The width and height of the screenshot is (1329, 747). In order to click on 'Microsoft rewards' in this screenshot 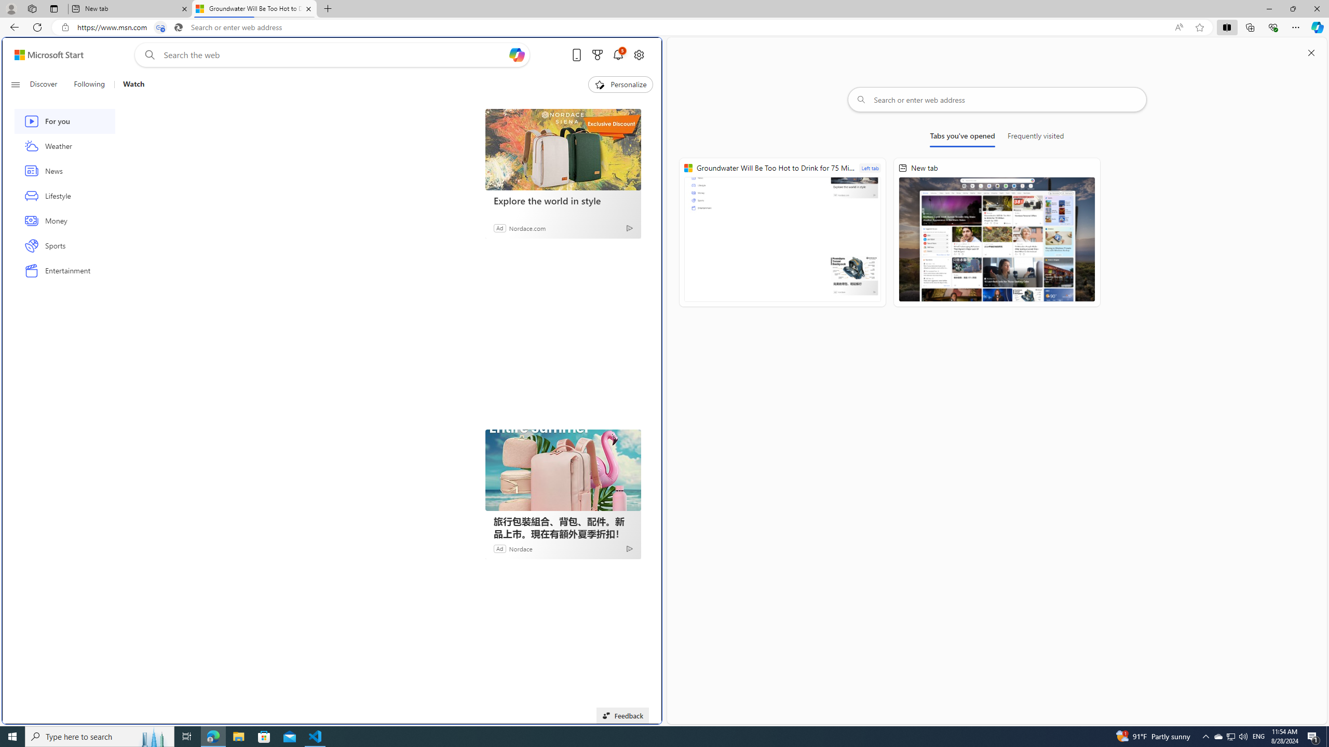, I will do `click(596, 55)`.